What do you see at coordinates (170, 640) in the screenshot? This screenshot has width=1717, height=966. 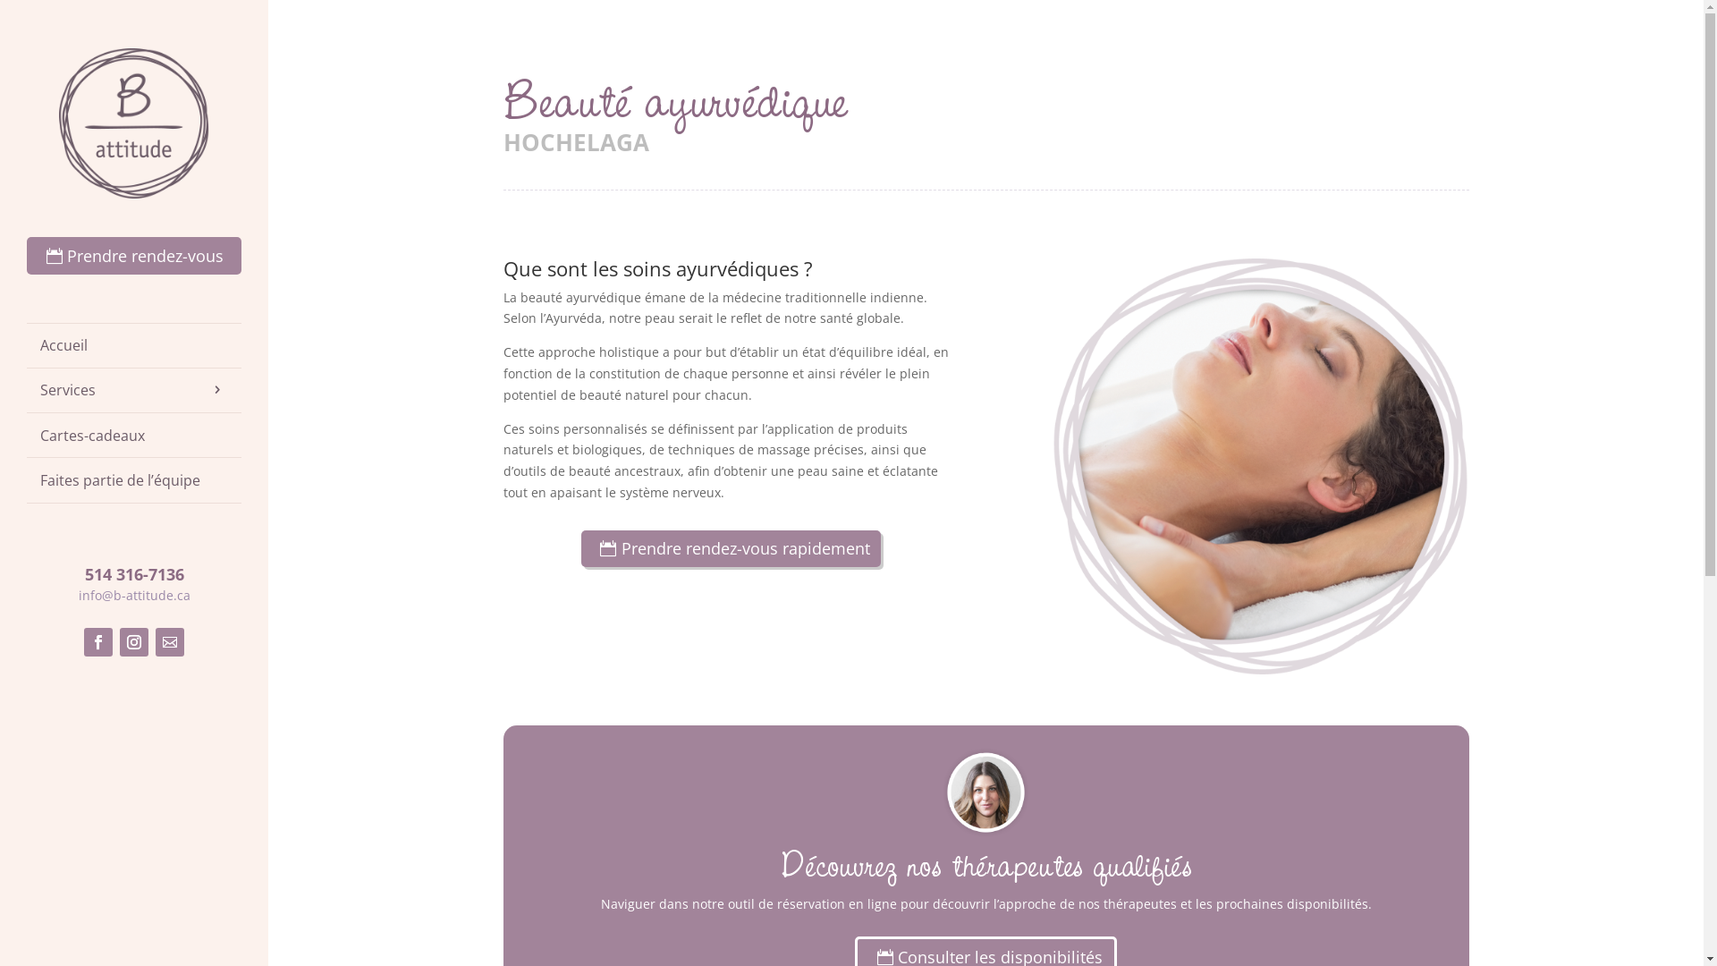 I see `'Suivez sur RSS'` at bounding box center [170, 640].